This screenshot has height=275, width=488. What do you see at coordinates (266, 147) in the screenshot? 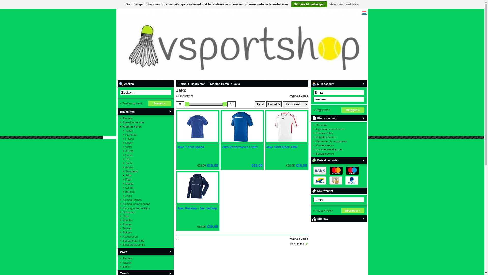
I see `'Jako Shirt block 4197'` at bounding box center [266, 147].